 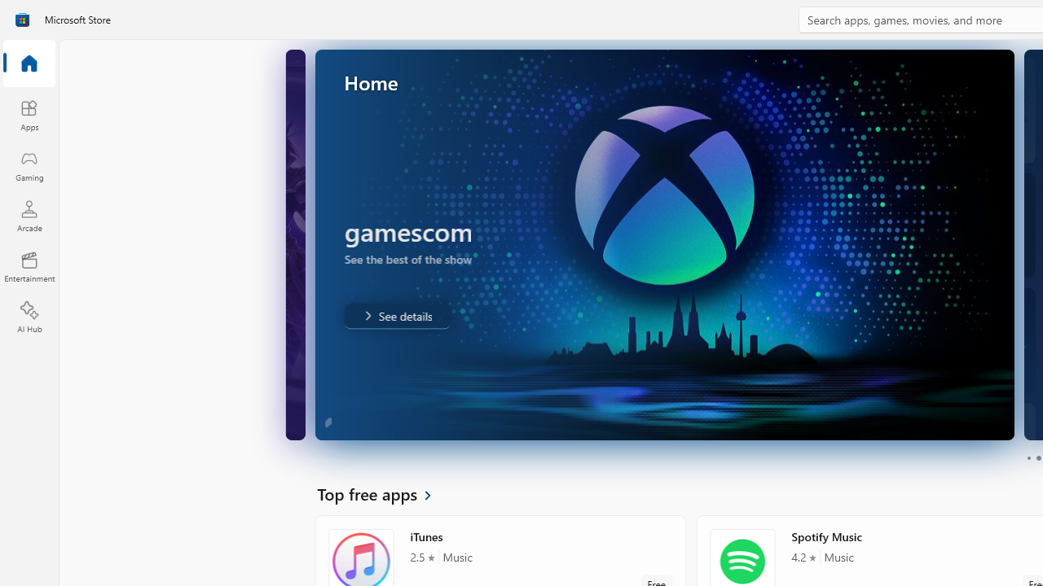 What do you see at coordinates (1028, 458) in the screenshot?
I see `'Page 1'` at bounding box center [1028, 458].